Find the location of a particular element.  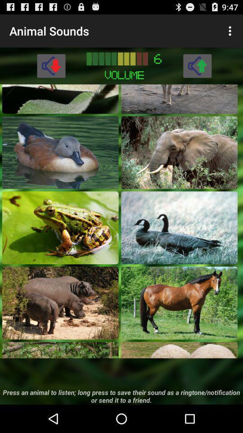

press to listen is located at coordinates (179, 350).